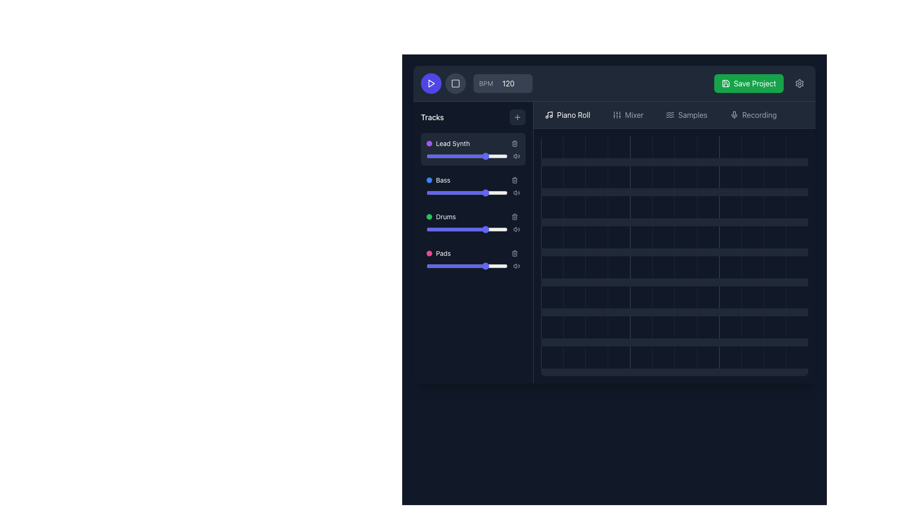  What do you see at coordinates (686, 297) in the screenshot?
I see `the grid cell element located in the last row and seventh column of the grid layout, which has a dark gray background and no visible decorations` at bounding box center [686, 297].